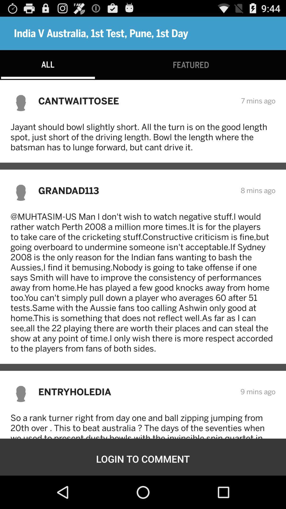 Image resolution: width=286 pixels, height=509 pixels. I want to click on item next to the 7 mins ago, so click(136, 101).